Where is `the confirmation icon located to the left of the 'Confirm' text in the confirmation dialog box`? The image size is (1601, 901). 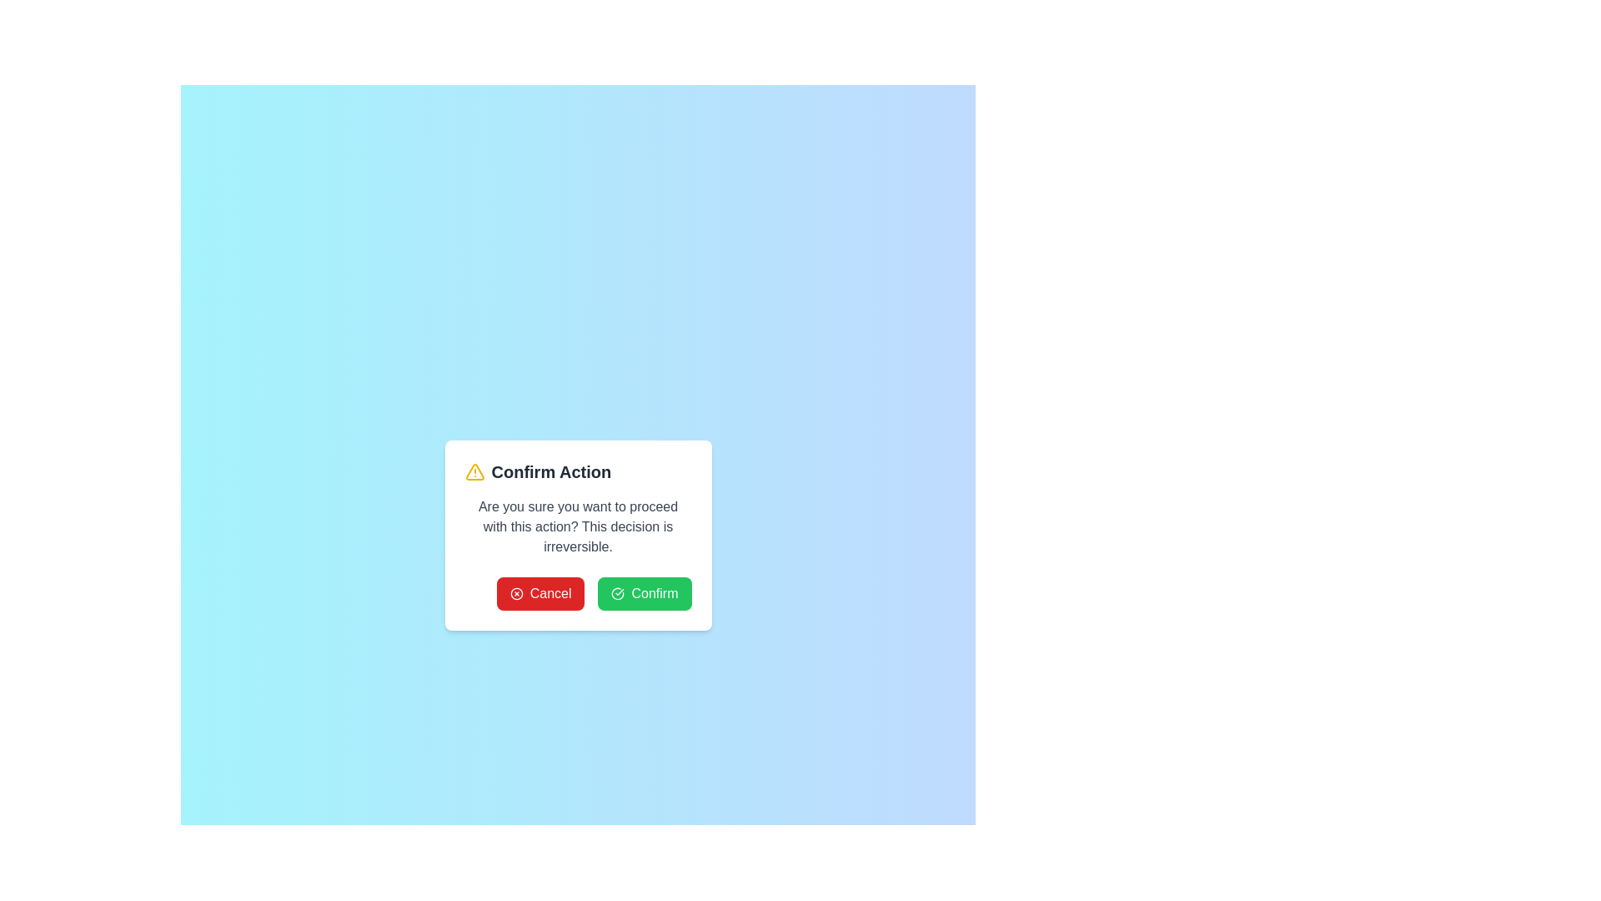 the confirmation icon located to the left of the 'Confirm' text in the confirmation dialog box is located at coordinates (617, 593).